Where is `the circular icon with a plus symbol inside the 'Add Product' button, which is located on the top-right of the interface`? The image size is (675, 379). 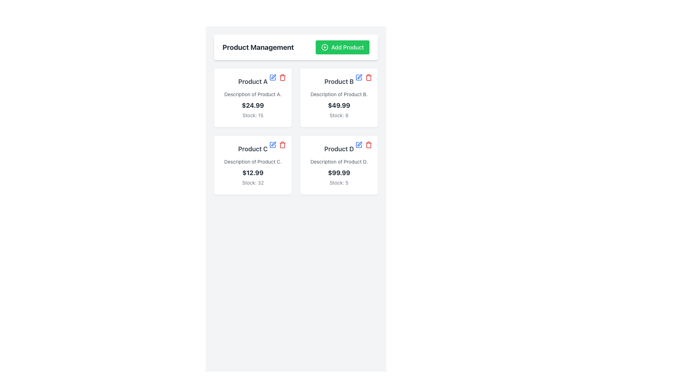
the circular icon with a plus symbol inside the 'Add Product' button, which is located on the top-right of the interface is located at coordinates (324, 47).